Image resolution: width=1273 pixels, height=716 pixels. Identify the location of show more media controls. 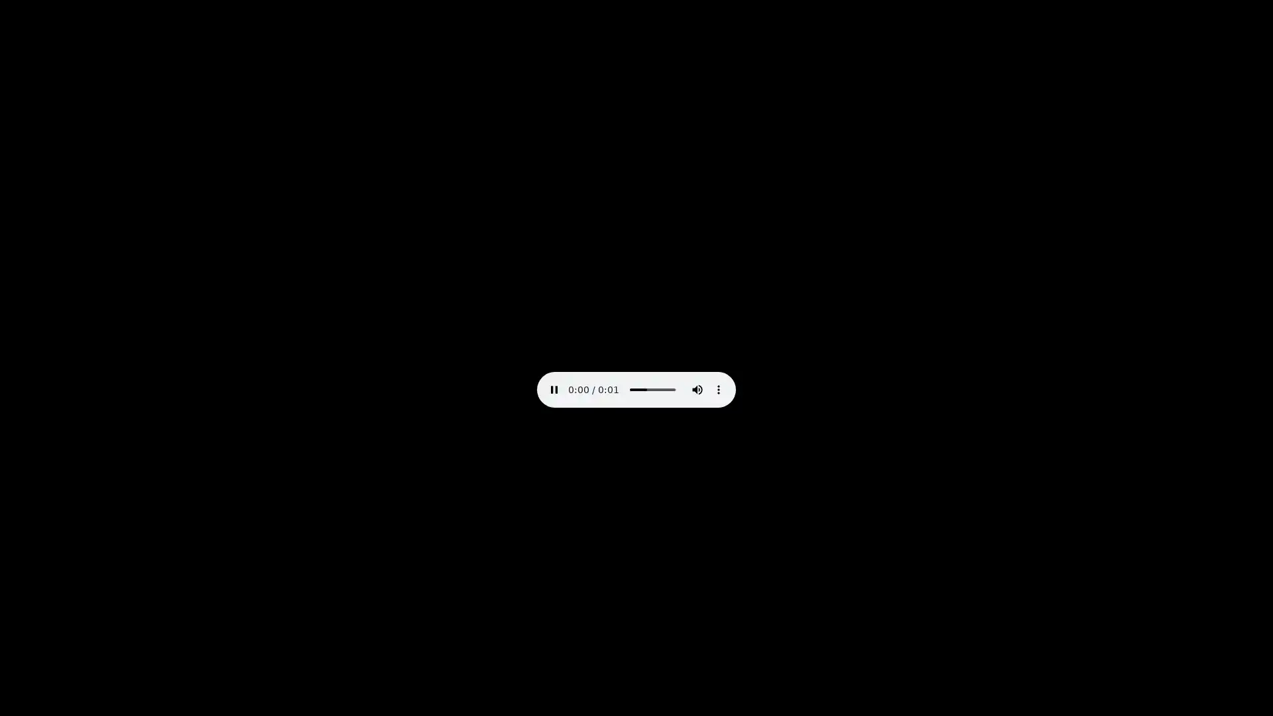
(718, 388).